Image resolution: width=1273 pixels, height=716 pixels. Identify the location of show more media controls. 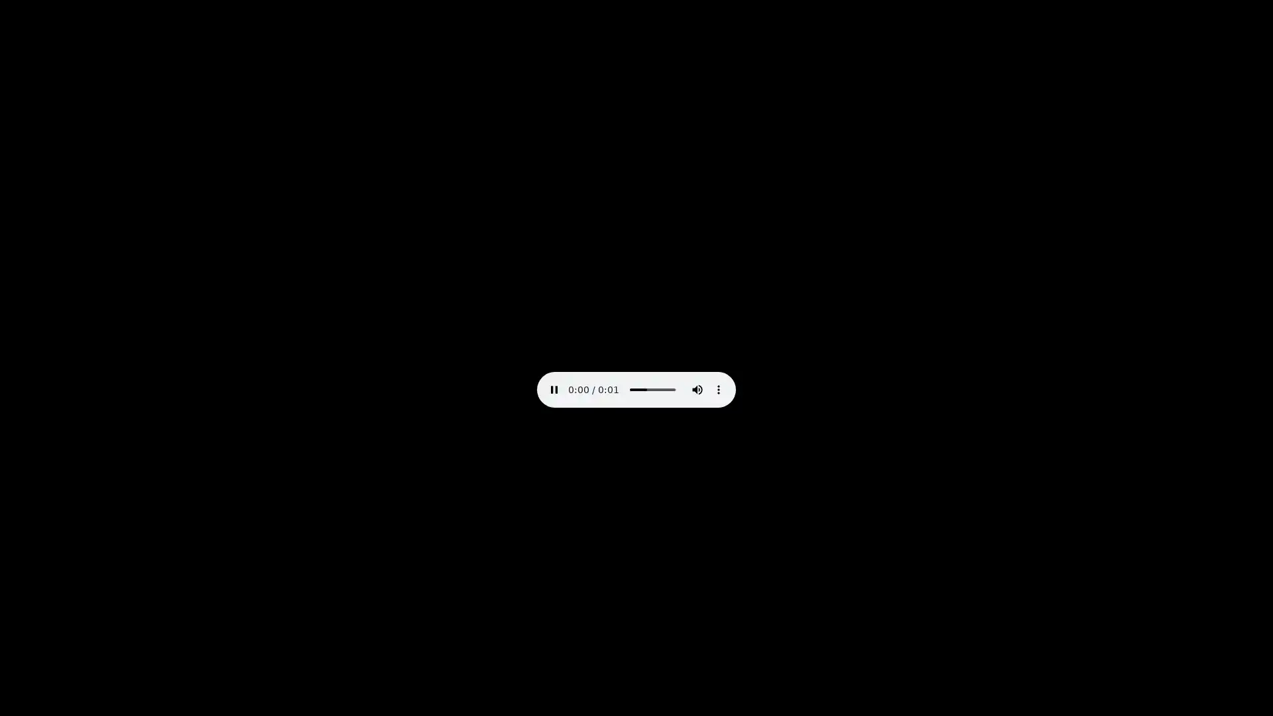
(718, 388).